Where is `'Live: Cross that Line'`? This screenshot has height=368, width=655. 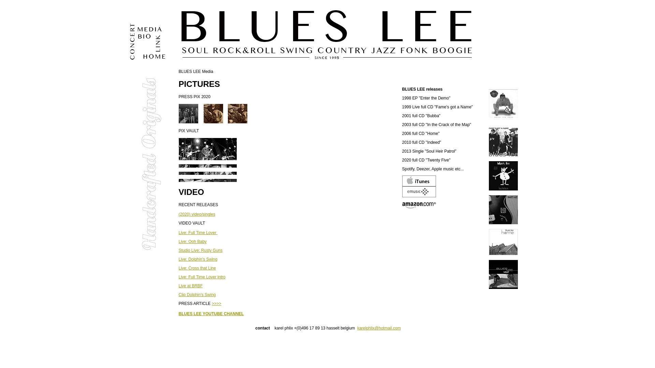
'Live: Cross that Line' is located at coordinates (197, 267).